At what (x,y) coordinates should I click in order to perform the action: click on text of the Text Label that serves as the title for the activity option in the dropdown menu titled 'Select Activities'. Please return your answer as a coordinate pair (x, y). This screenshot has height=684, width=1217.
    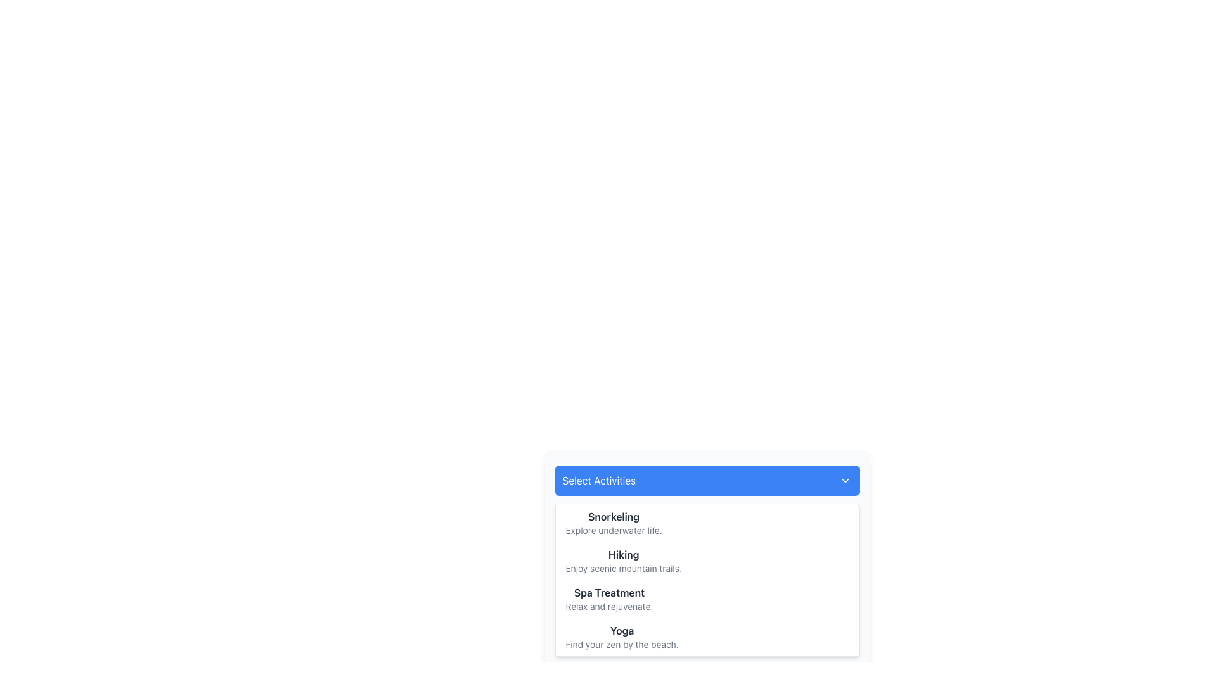
    Looking at the image, I should click on (622, 630).